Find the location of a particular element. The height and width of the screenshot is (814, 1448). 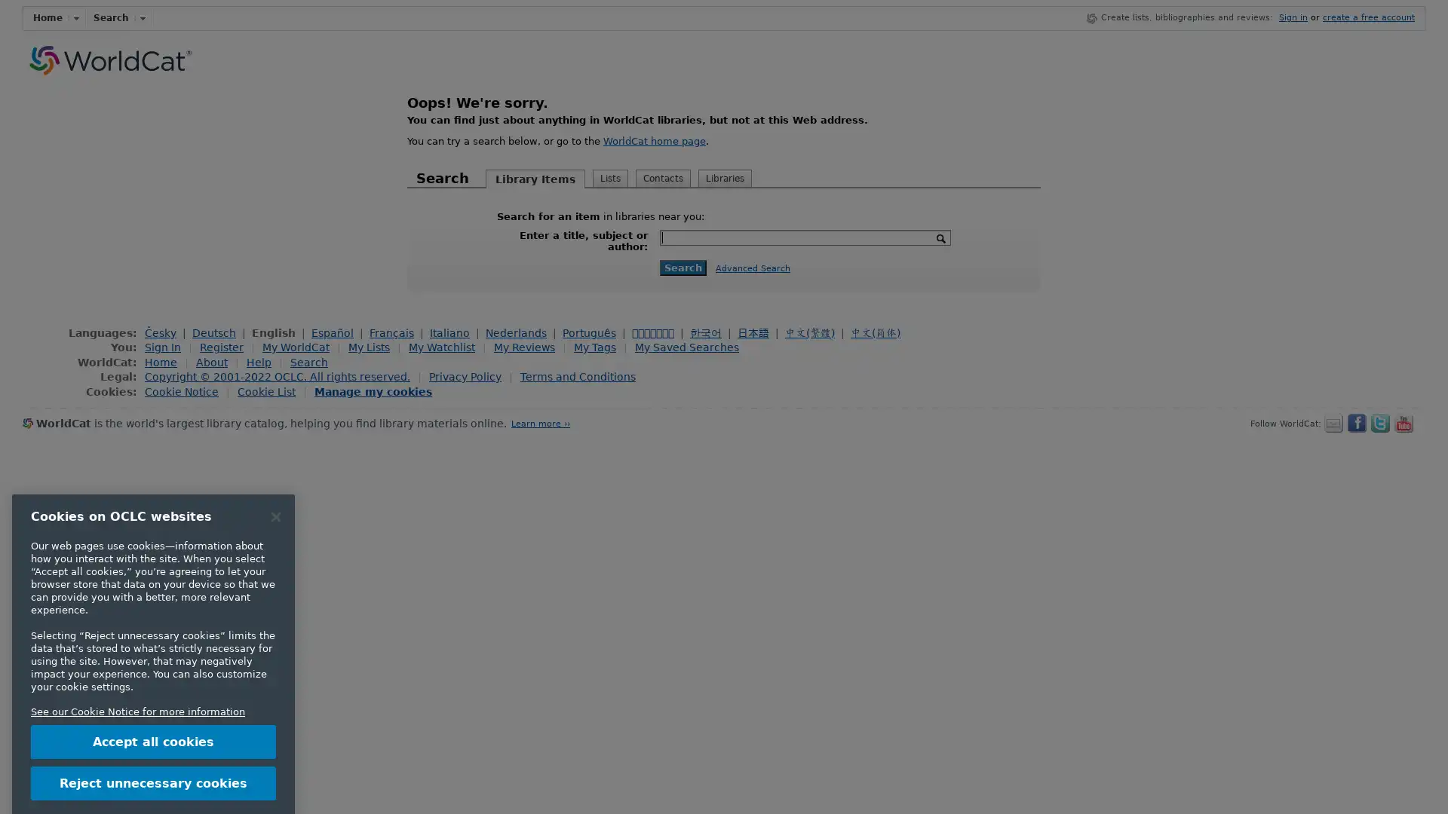

Accept all cookies is located at coordinates (153, 674).